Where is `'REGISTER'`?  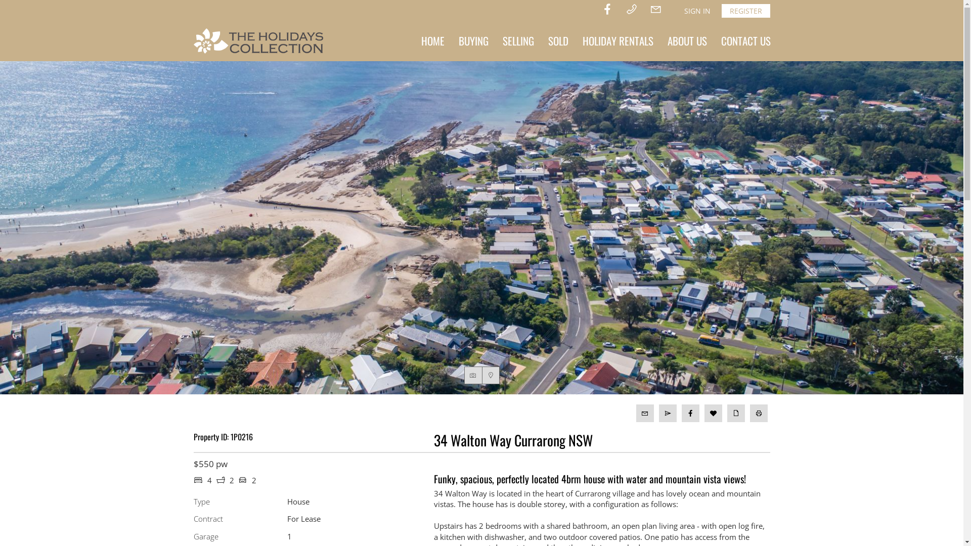
'REGISTER' is located at coordinates (745, 11).